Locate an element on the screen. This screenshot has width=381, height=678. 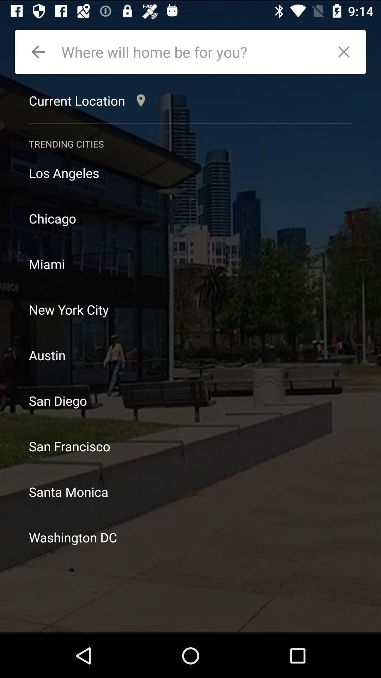
the current location is located at coordinates (89, 100).